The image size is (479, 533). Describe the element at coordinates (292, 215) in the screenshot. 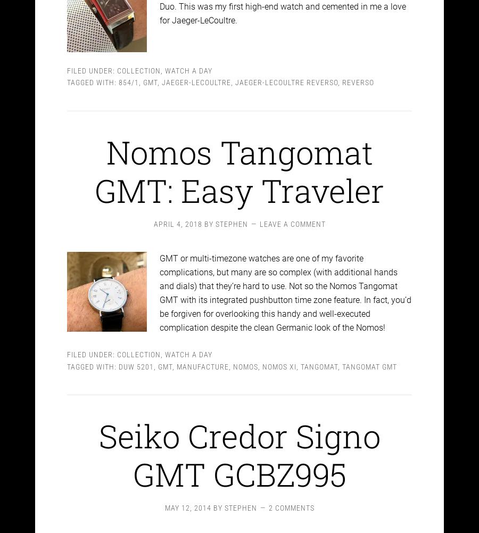

I see `'Leave a Comment'` at that location.